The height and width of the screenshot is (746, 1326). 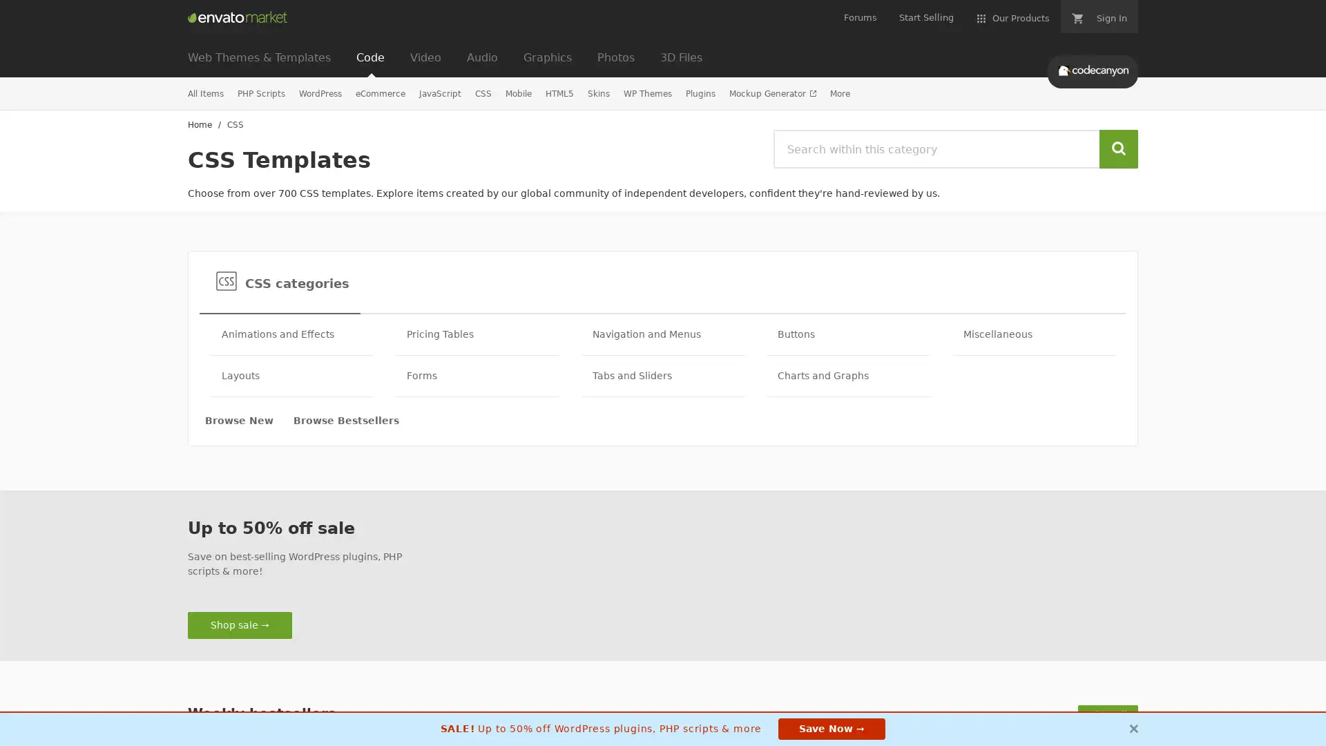 What do you see at coordinates (1119, 149) in the screenshot?
I see `Search` at bounding box center [1119, 149].